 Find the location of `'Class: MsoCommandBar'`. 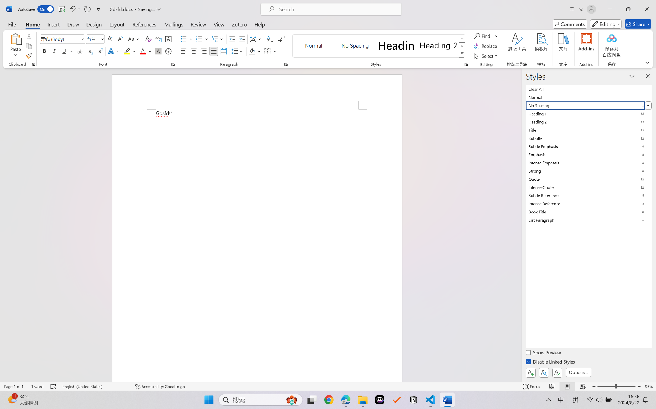

'Class: MsoCommandBar' is located at coordinates (328, 386).